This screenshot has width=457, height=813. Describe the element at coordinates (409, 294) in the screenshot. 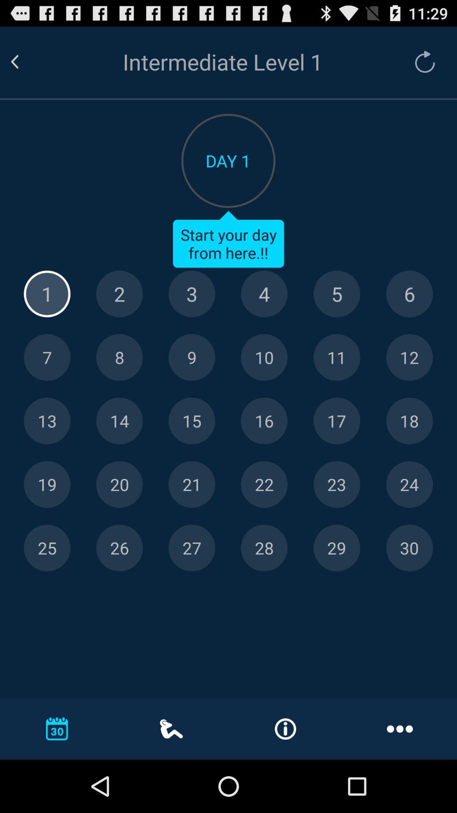

I see `6` at that location.